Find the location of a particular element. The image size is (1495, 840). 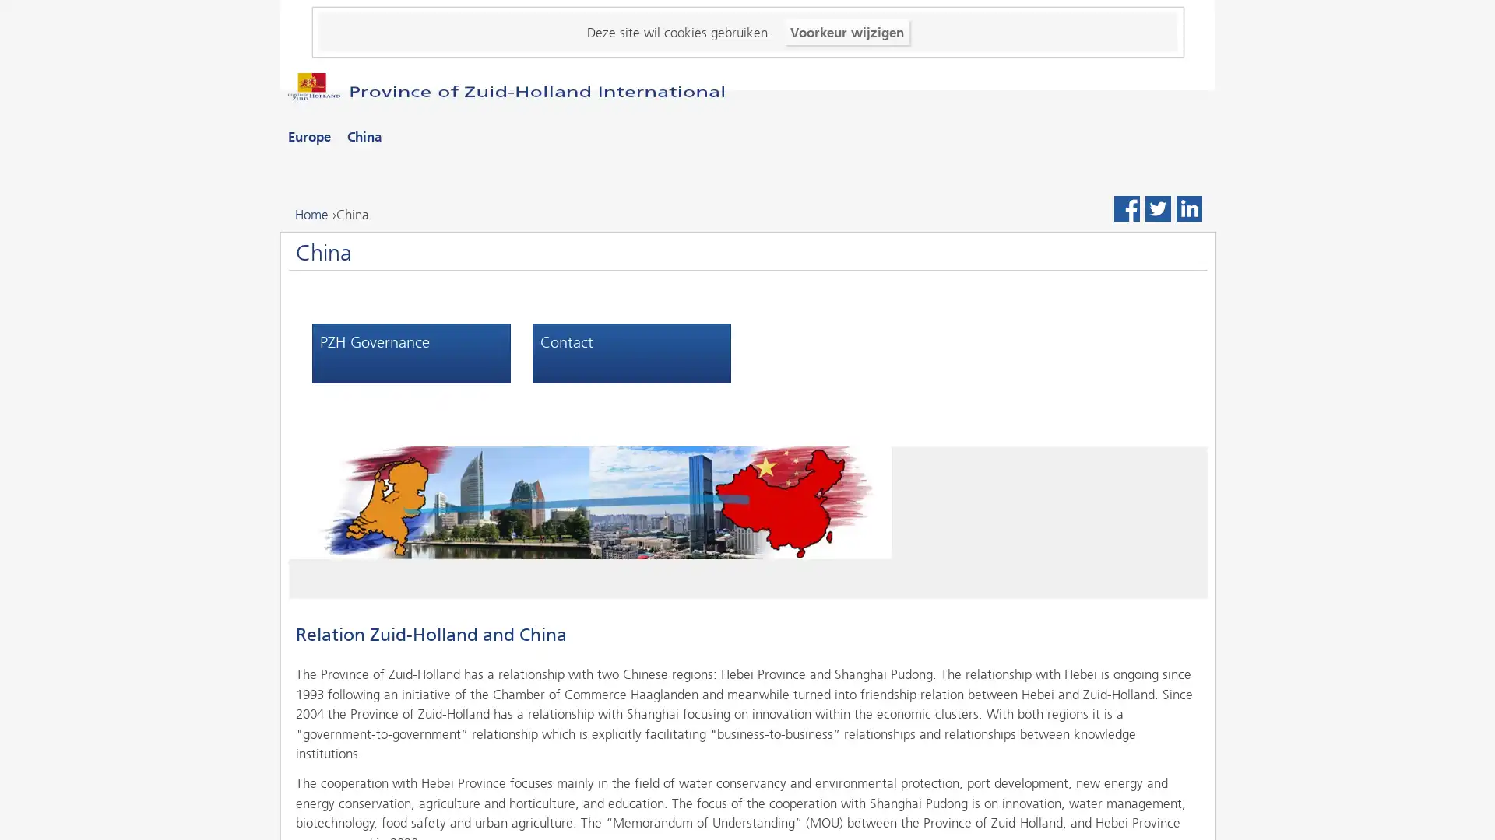

Voorkeur wijzigen is located at coordinates (845, 31).